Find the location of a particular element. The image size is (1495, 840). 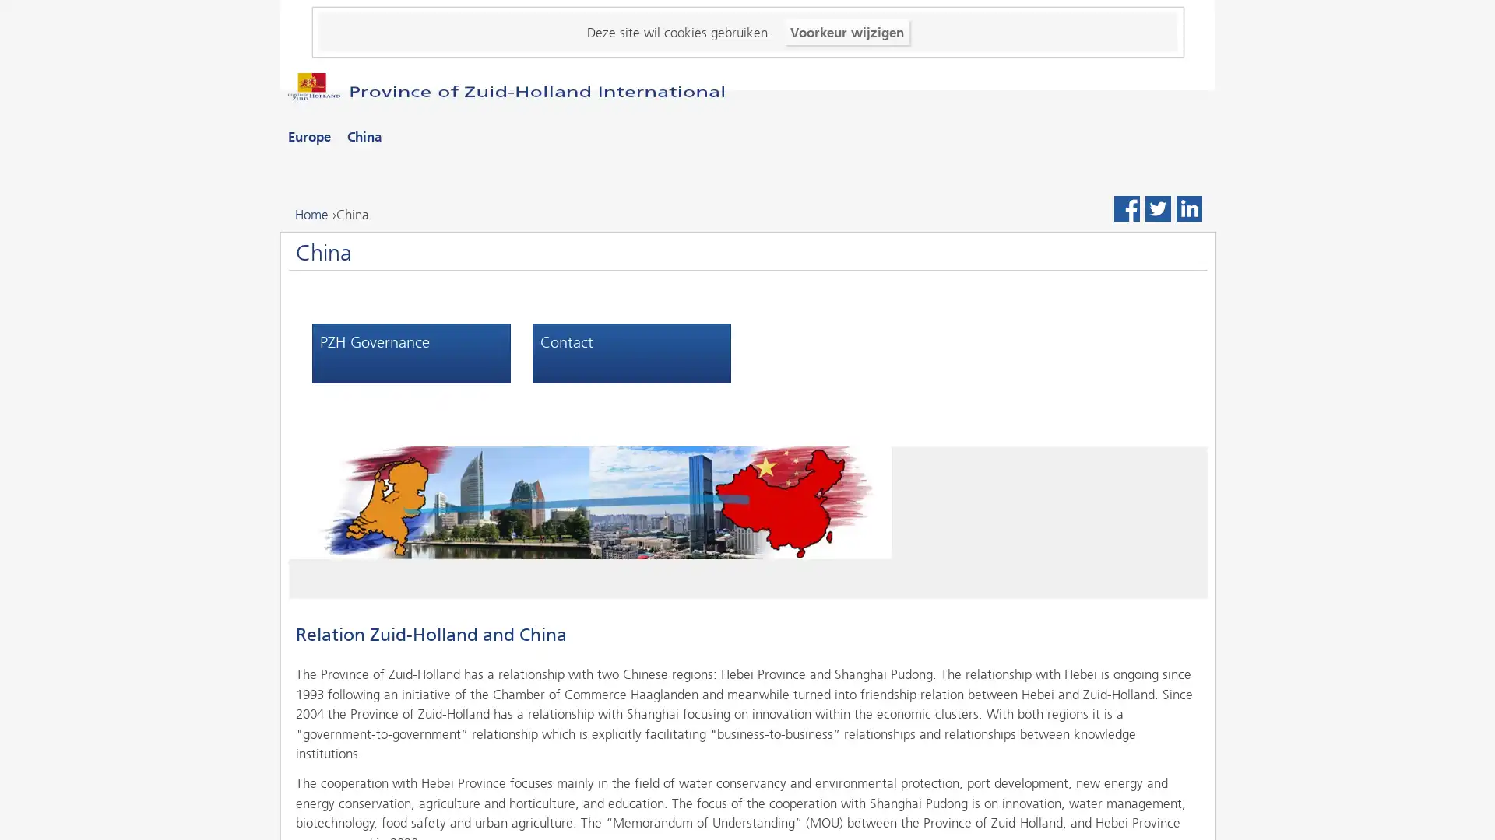

Voorkeur wijzigen is located at coordinates (845, 31).